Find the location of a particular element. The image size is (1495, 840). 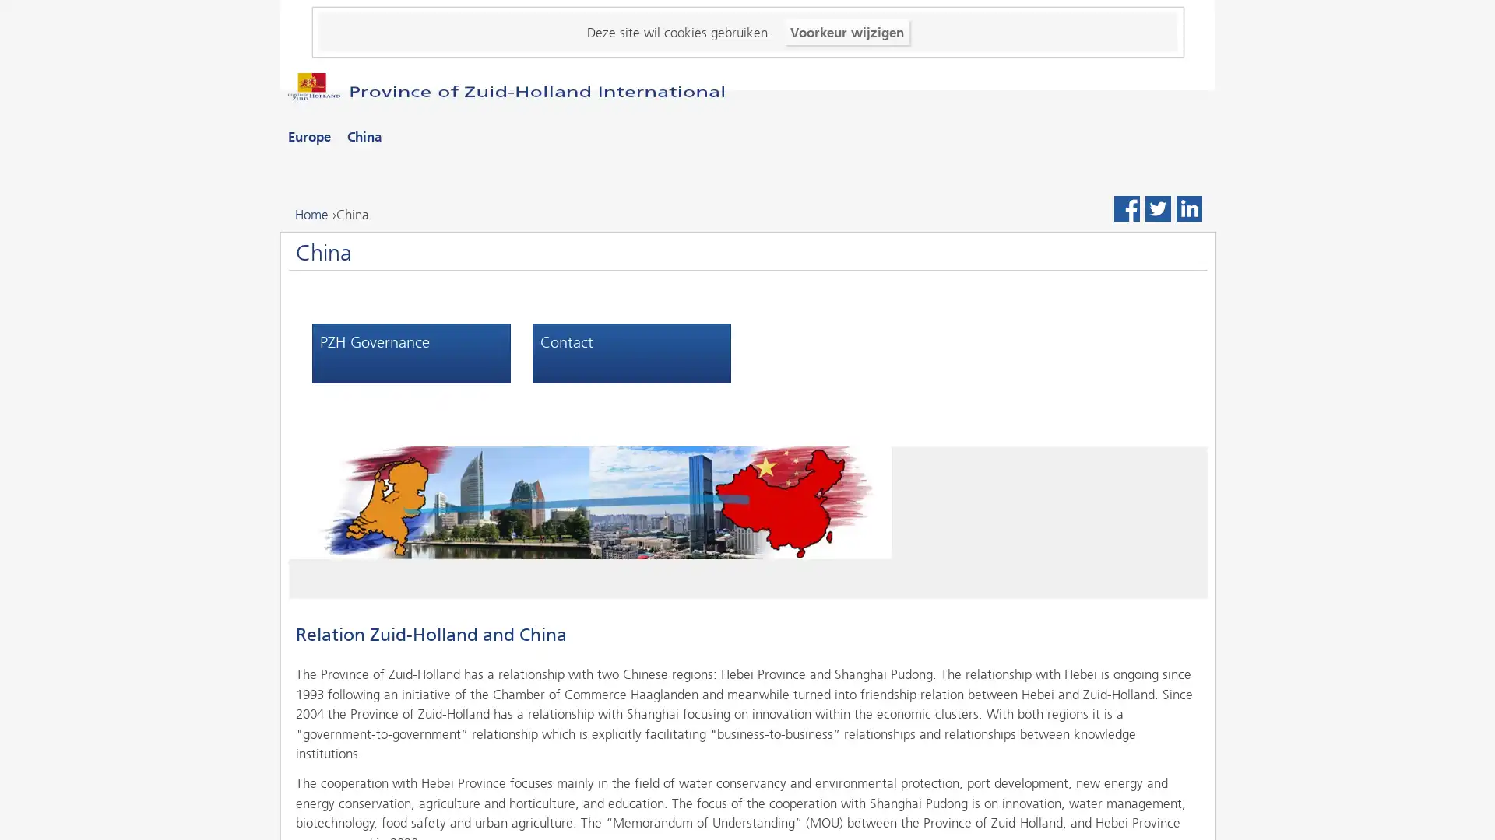

Voorkeur wijzigen is located at coordinates (845, 31).